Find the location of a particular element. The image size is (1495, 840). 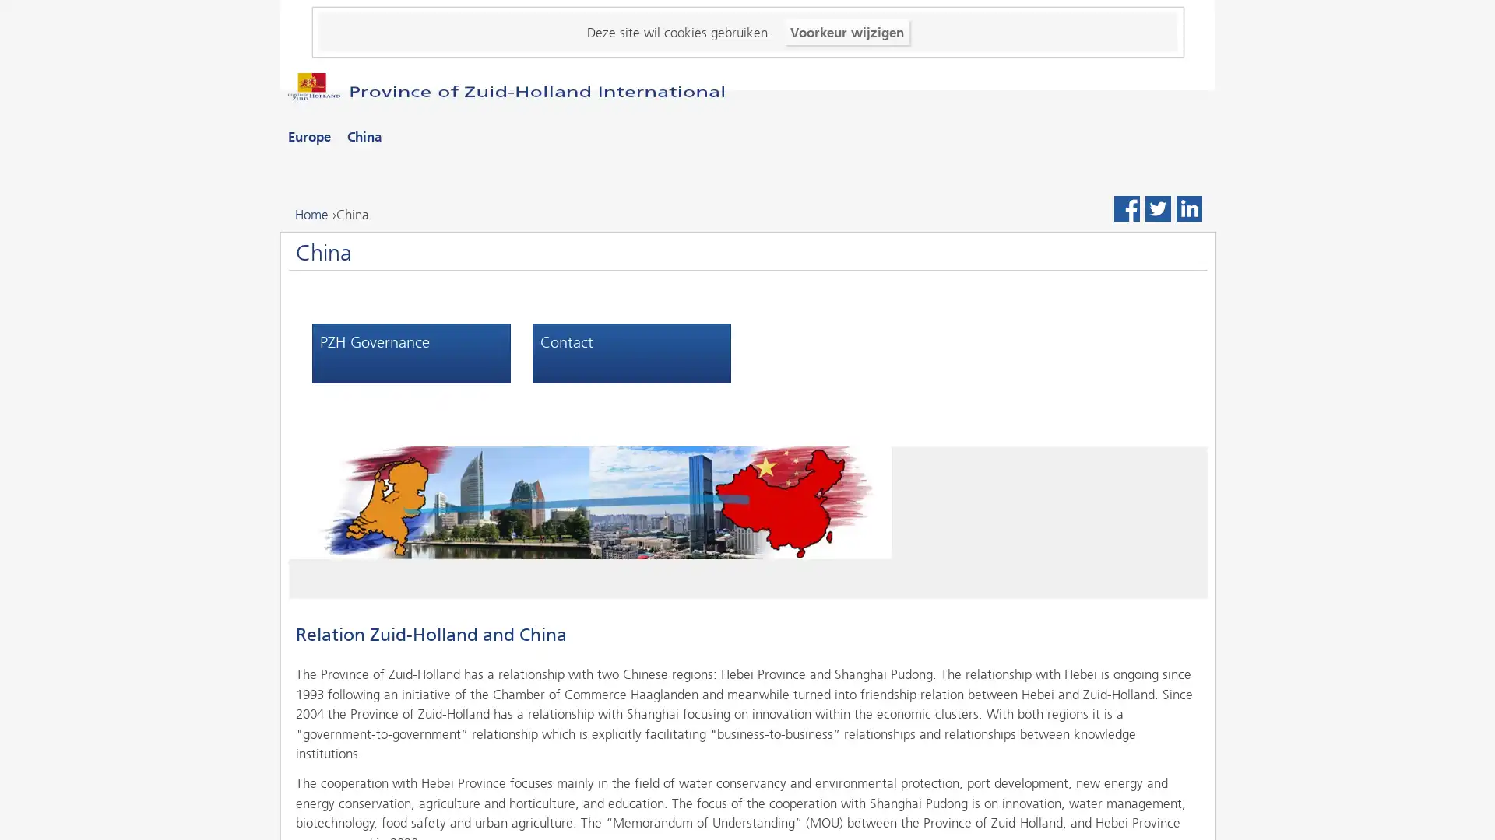

Voorkeur wijzigen is located at coordinates (845, 31).